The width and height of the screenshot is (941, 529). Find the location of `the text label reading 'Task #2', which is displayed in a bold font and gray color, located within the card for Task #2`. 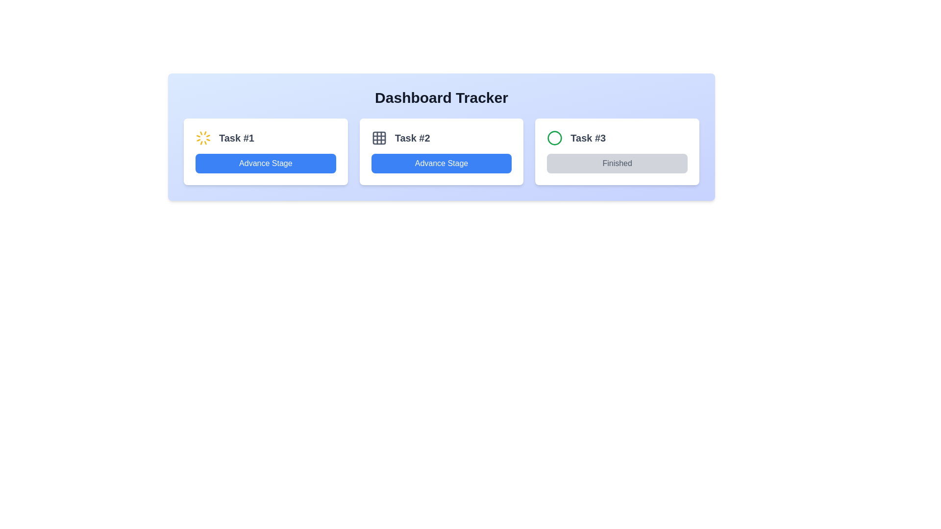

the text label reading 'Task #2', which is displayed in a bold font and gray color, located within the card for Task #2 is located at coordinates (412, 138).